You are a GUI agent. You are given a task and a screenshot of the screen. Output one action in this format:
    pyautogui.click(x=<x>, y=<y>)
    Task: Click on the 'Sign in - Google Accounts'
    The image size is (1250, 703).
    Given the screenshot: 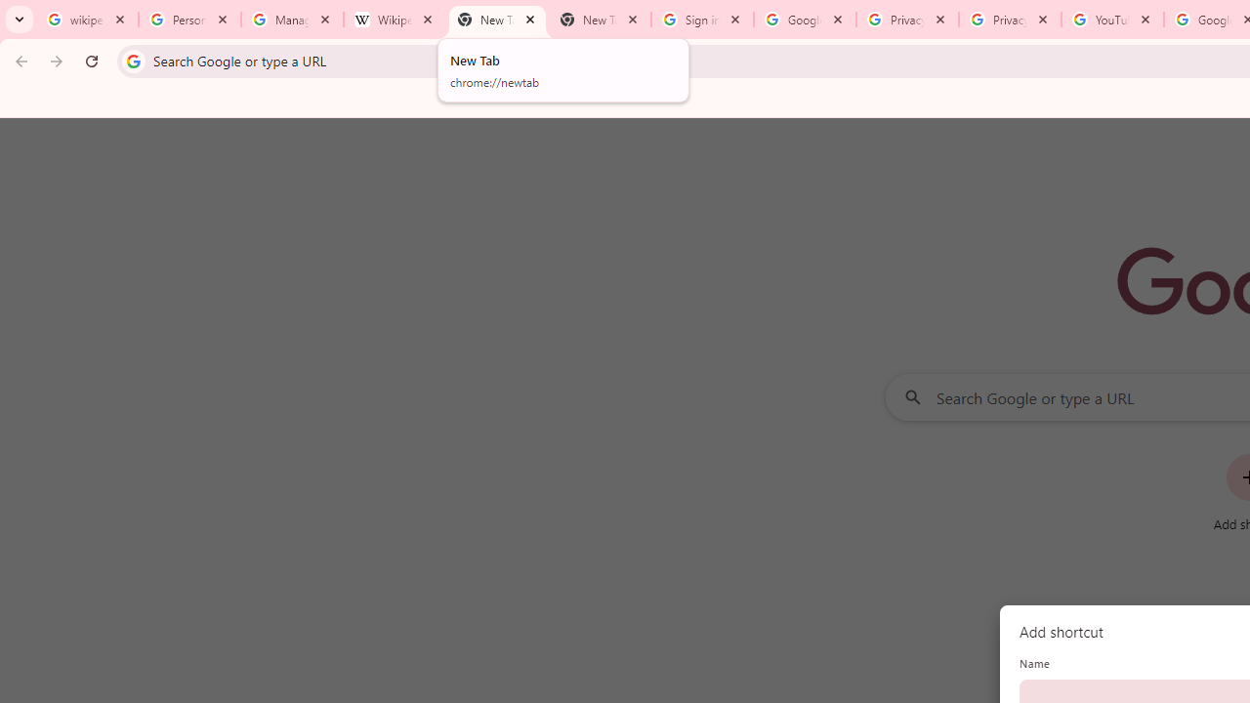 What is the action you would take?
    pyautogui.click(x=702, y=20)
    